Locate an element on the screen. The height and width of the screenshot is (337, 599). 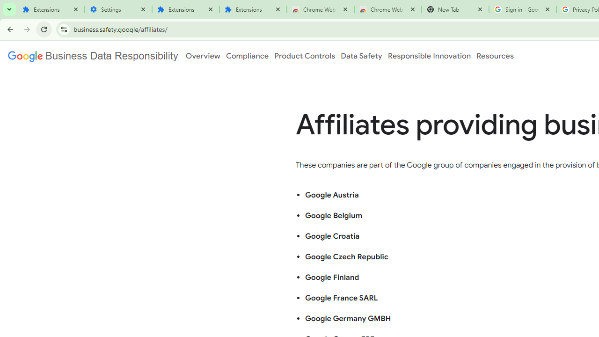
'Data Safety' is located at coordinates (361, 56).